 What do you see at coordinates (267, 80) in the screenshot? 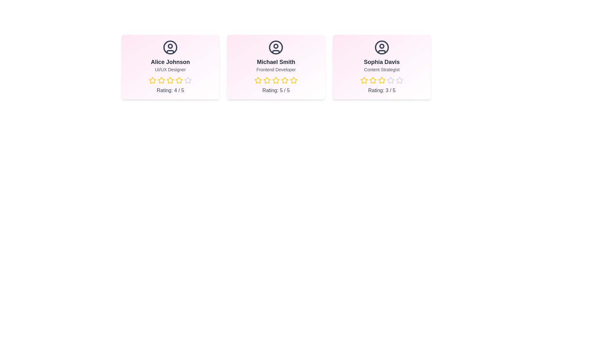
I see `the star corresponding to 2 stars for the team member Michael Smith` at bounding box center [267, 80].